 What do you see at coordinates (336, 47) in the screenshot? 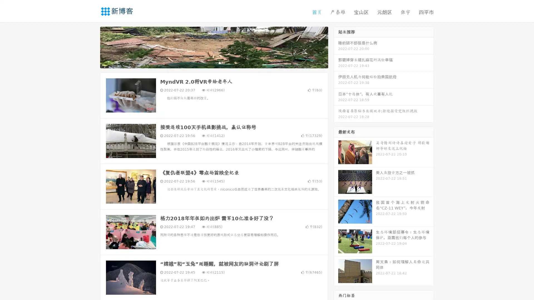
I see `Next slide` at bounding box center [336, 47].